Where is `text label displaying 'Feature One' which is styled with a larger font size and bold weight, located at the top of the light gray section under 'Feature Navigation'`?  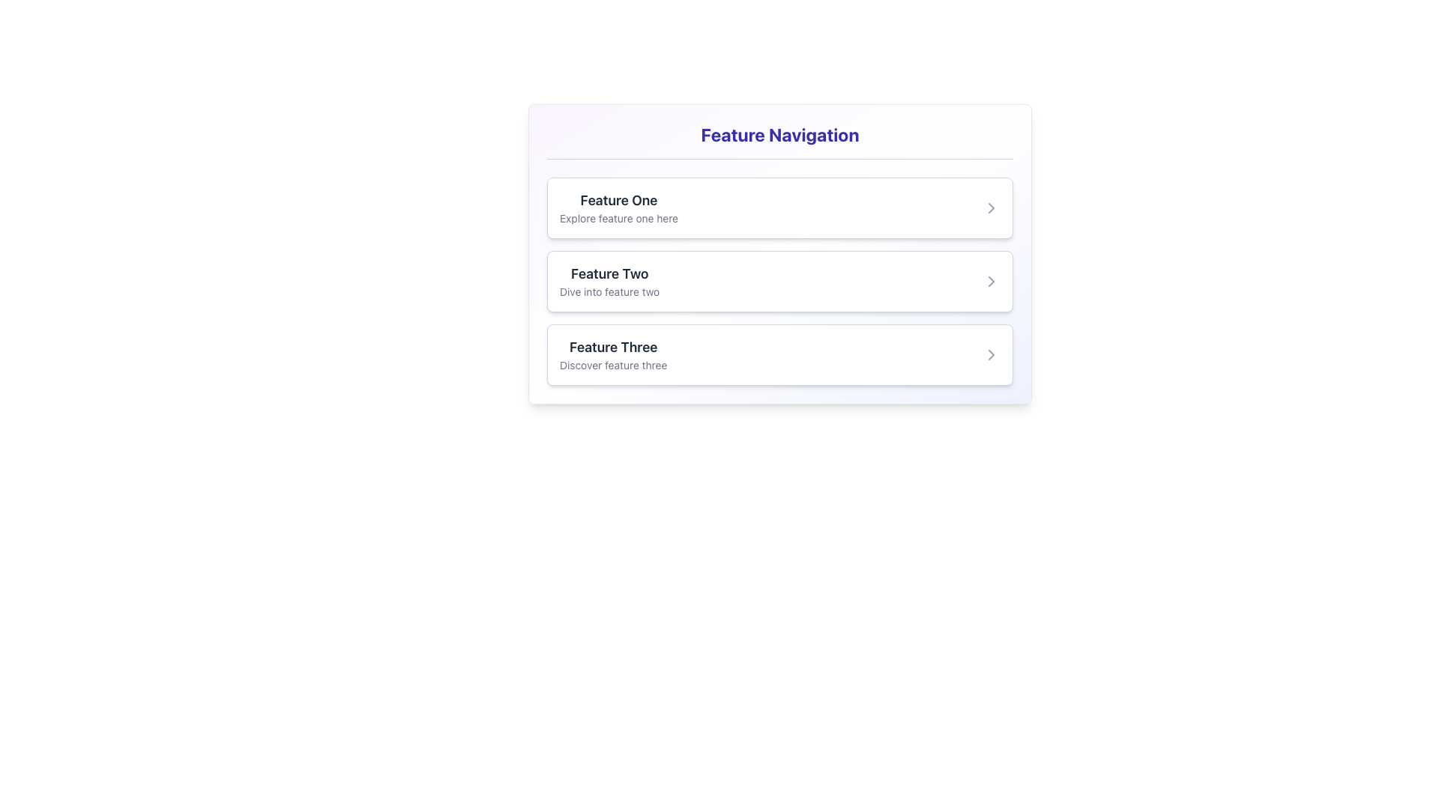 text label displaying 'Feature One' which is styled with a larger font size and bold weight, located at the top of the light gray section under 'Feature Navigation' is located at coordinates (618, 199).